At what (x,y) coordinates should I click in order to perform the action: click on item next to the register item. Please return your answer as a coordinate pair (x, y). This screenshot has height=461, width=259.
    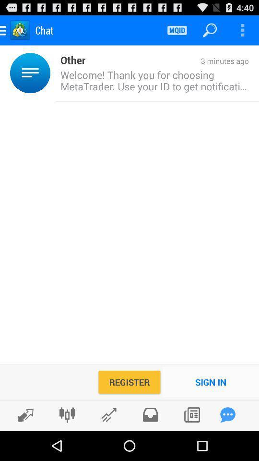
    Looking at the image, I should click on (210, 382).